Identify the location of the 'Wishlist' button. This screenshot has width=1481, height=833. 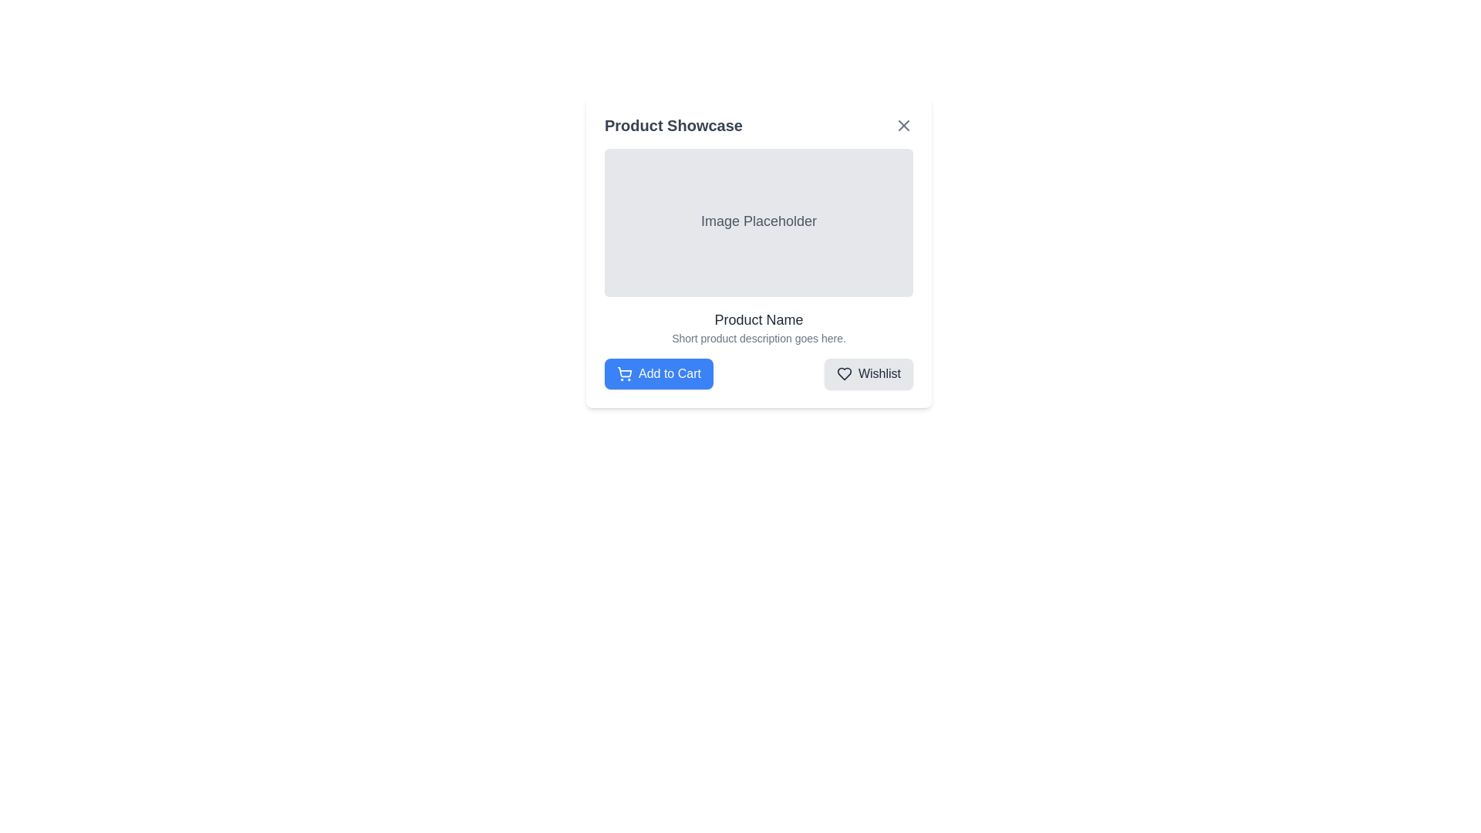
(869, 374).